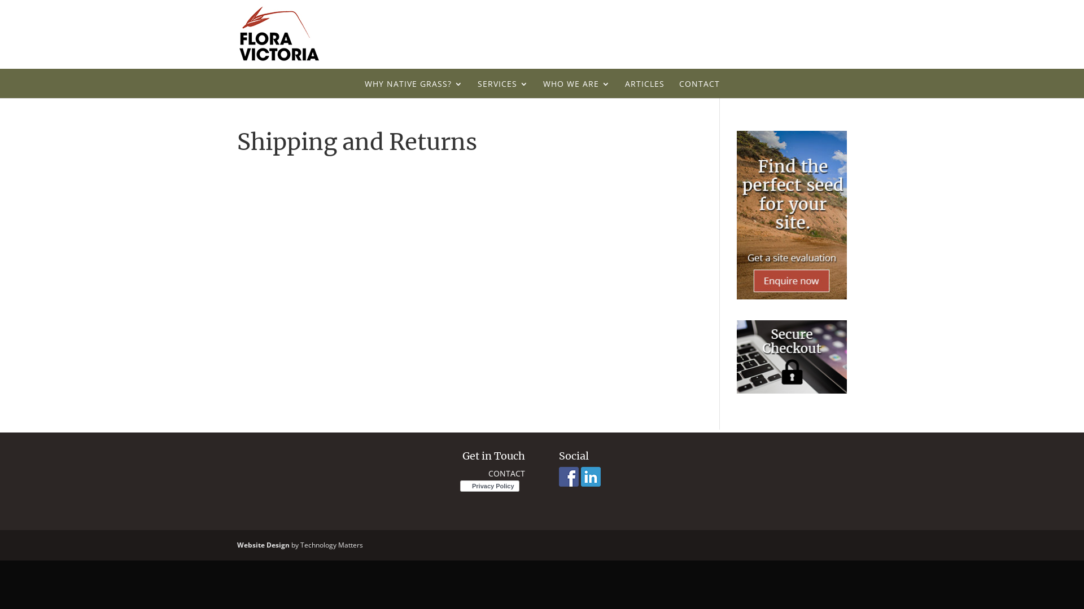 This screenshot has height=609, width=1084. Describe the element at coordinates (506, 473) in the screenshot. I see `'CONTACT'` at that location.